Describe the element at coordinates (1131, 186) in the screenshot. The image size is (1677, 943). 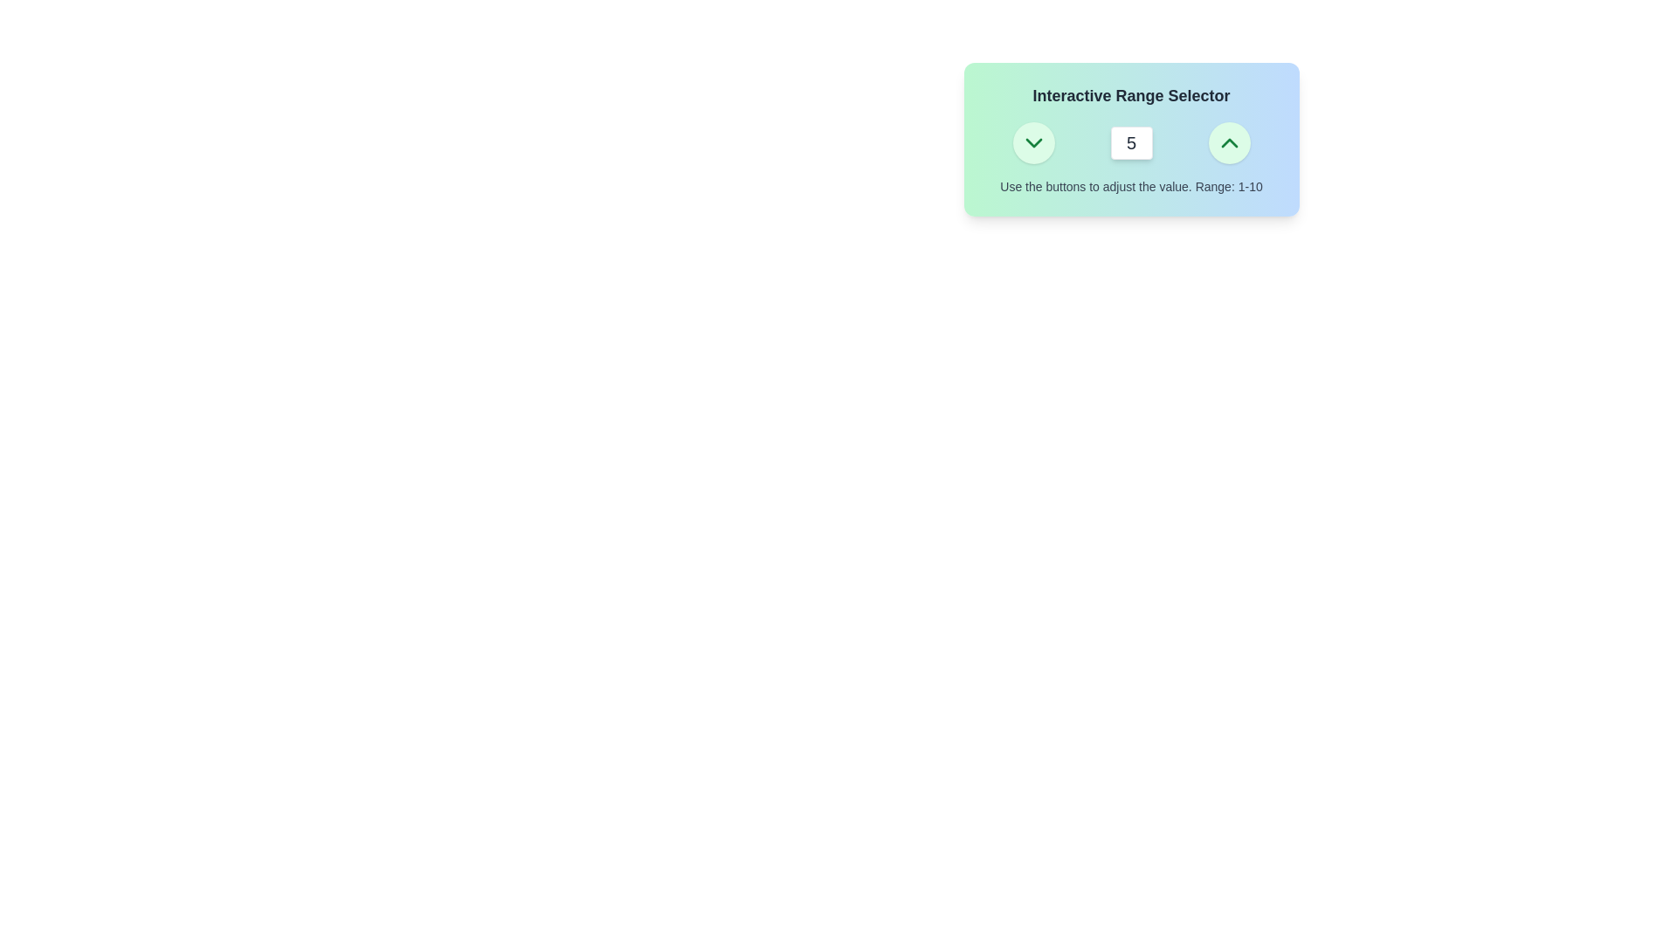
I see `the informative text element that reads, 'Use the buttons to adjust the value. Range: 1-10', which is styled in a small gray font and located beneath a numerical display within a gradient background card` at that location.